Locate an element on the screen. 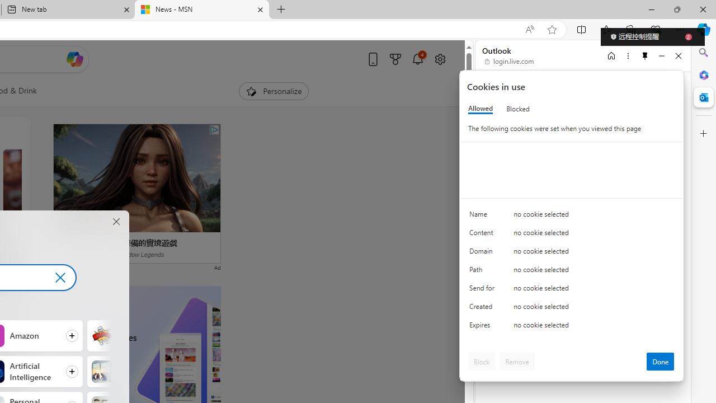 The height and width of the screenshot is (403, 716). 'Split screen' is located at coordinates (582, 29).